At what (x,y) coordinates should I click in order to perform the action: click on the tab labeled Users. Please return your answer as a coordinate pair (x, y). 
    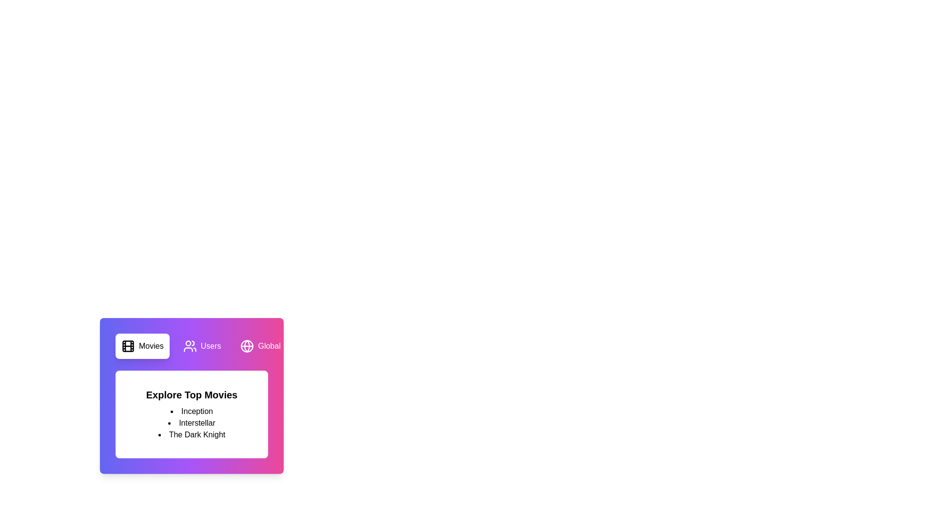
    Looking at the image, I should click on (201, 345).